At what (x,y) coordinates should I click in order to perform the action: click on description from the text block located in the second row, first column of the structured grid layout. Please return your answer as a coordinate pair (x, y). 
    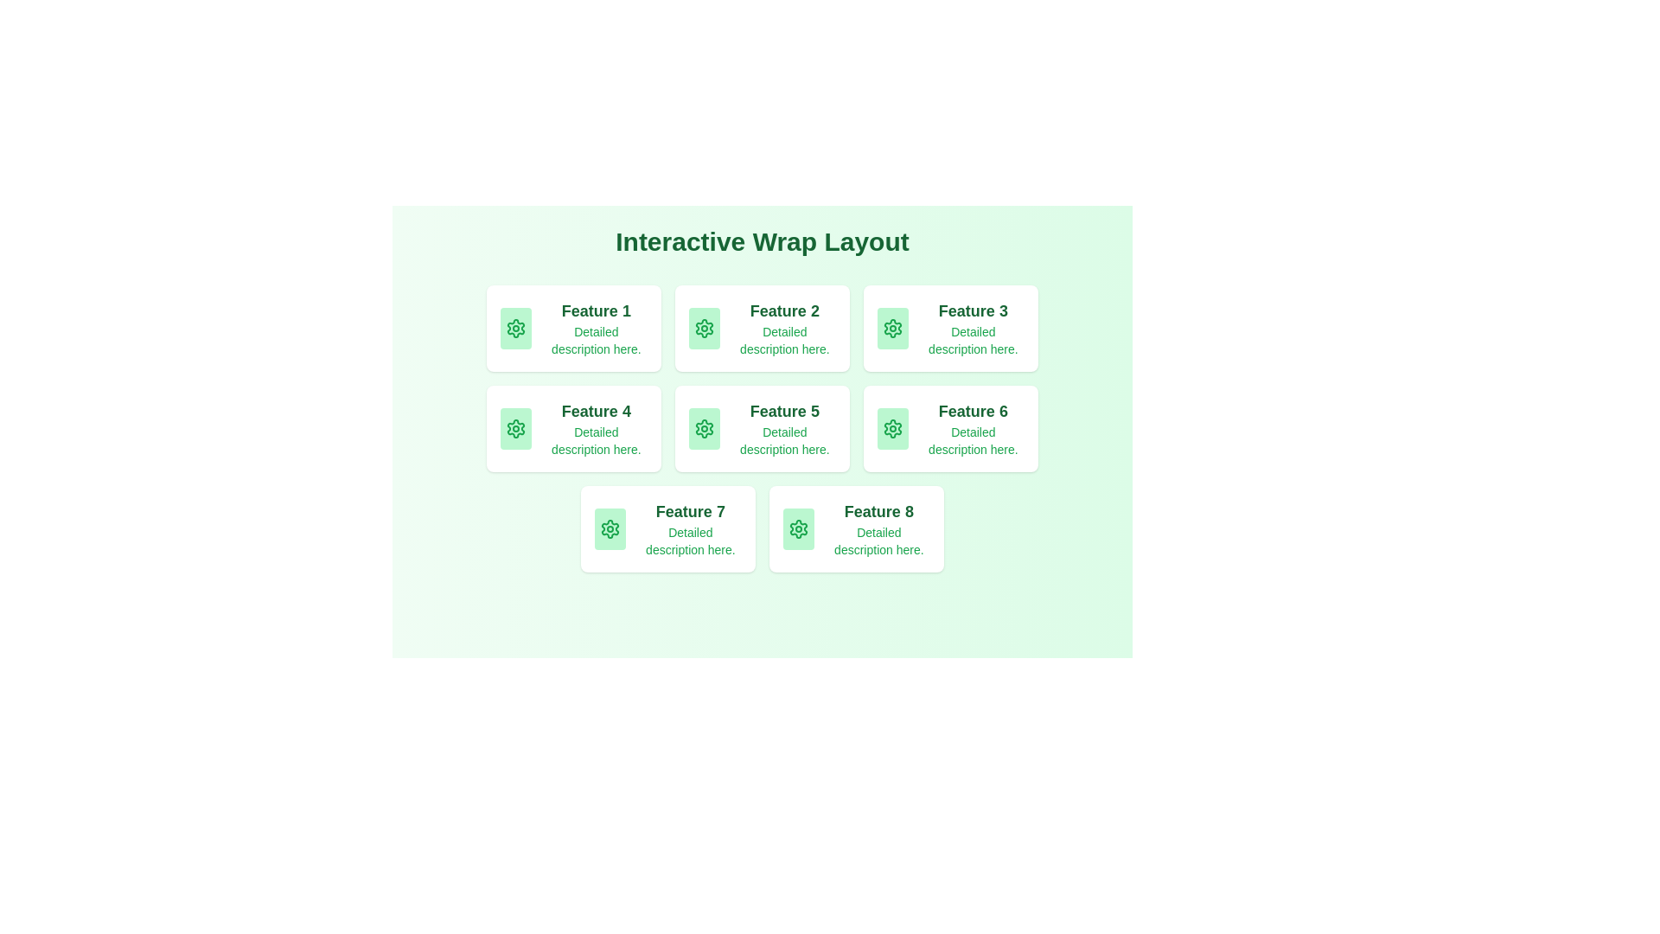
    Looking at the image, I should click on (596, 428).